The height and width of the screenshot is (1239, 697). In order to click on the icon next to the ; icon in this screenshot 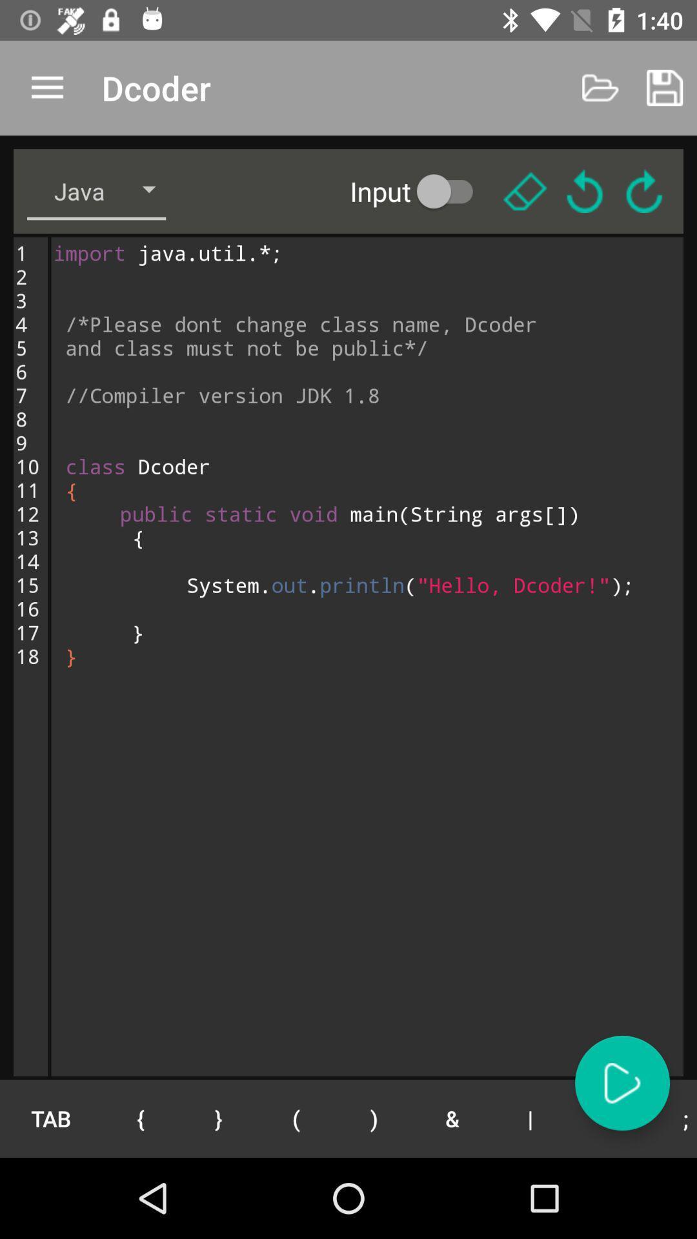, I will do `click(608, 1118)`.